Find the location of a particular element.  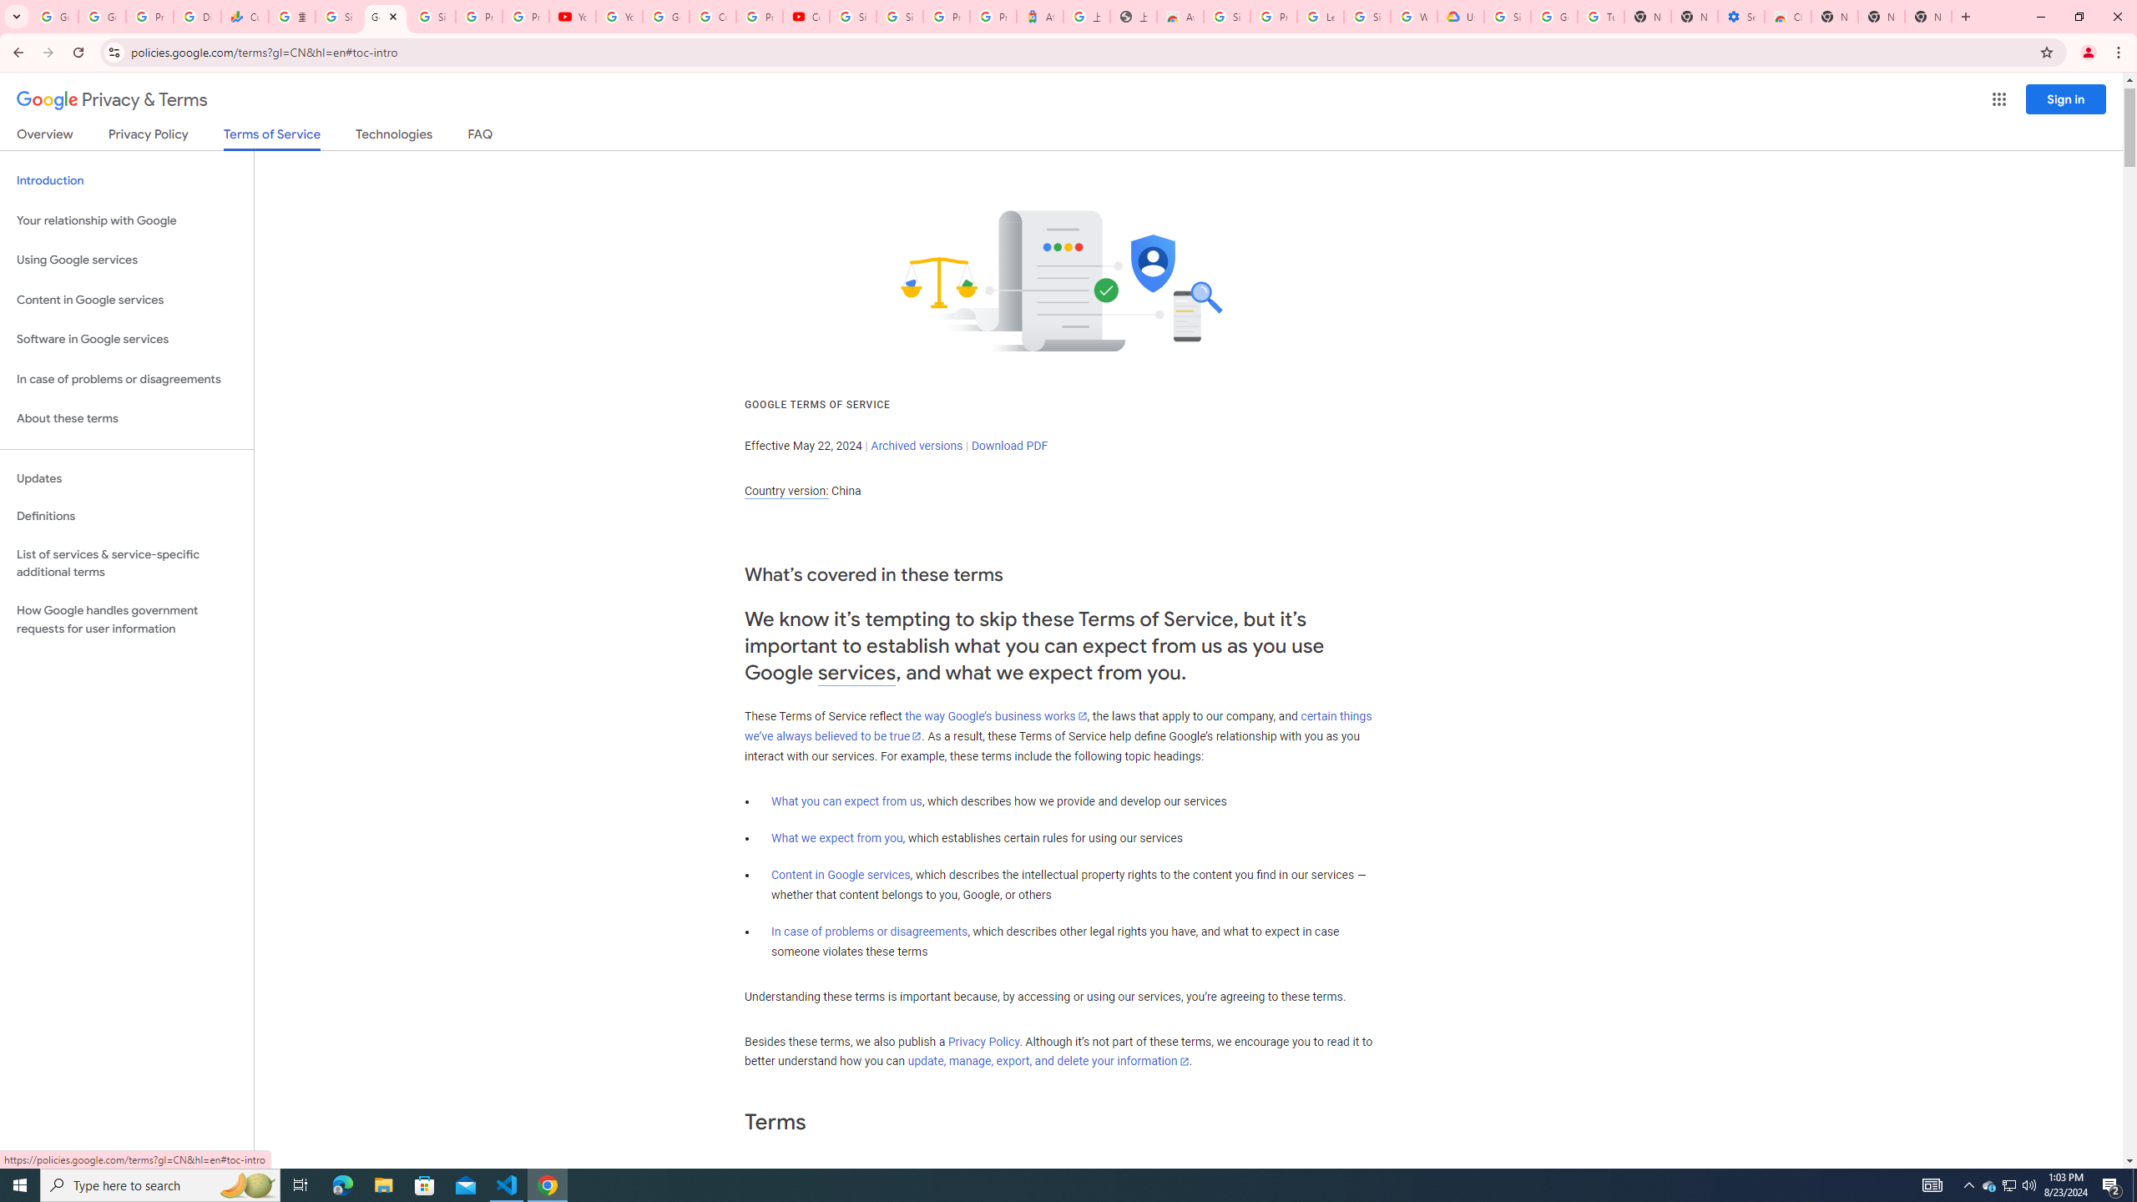

'Google Workspace Admin Community' is located at coordinates (54, 16).